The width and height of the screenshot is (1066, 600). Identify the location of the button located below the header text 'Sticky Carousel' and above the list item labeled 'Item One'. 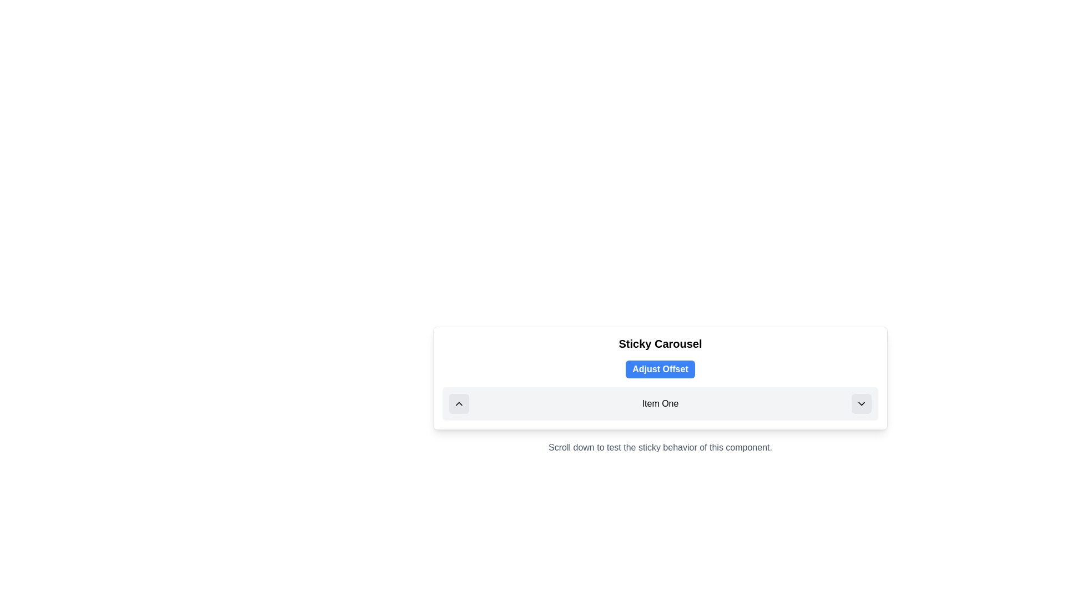
(660, 369).